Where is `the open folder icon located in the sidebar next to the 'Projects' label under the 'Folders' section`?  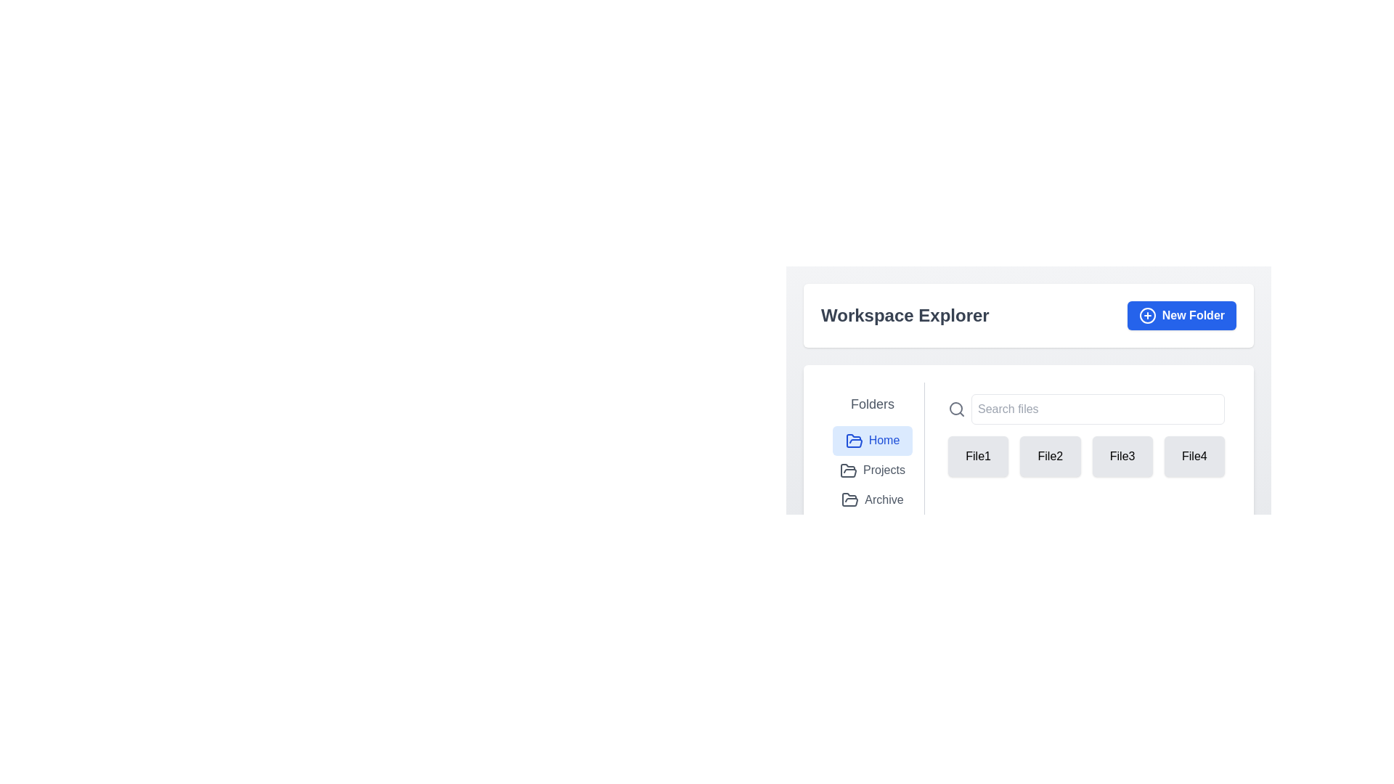 the open folder icon located in the sidebar next to the 'Projects' label under the 'Folders' section is located at coordinates (849, 470).